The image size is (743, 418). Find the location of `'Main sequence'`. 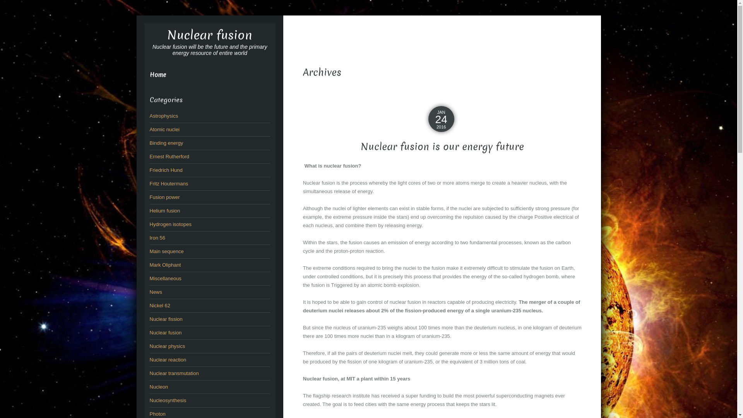

'Main sequence' is located at coordinates (166, 251).